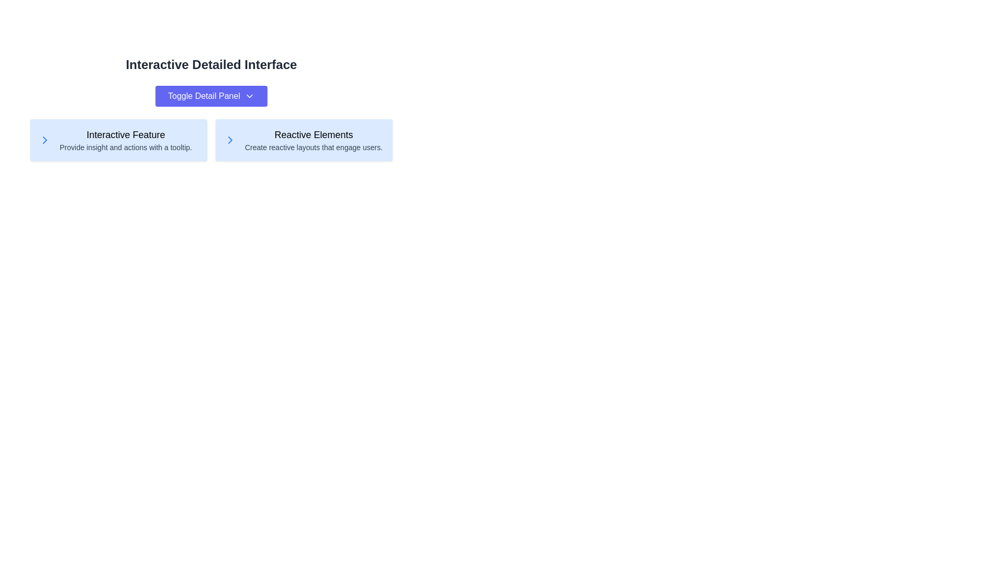 The width and height of the screenshot is (1005, 565). I want to click on the blue triangular arrow pointing to the right, which is part of the SVG icon located on the left side of the 'Interactive Feature' text block, so click(230, 139).